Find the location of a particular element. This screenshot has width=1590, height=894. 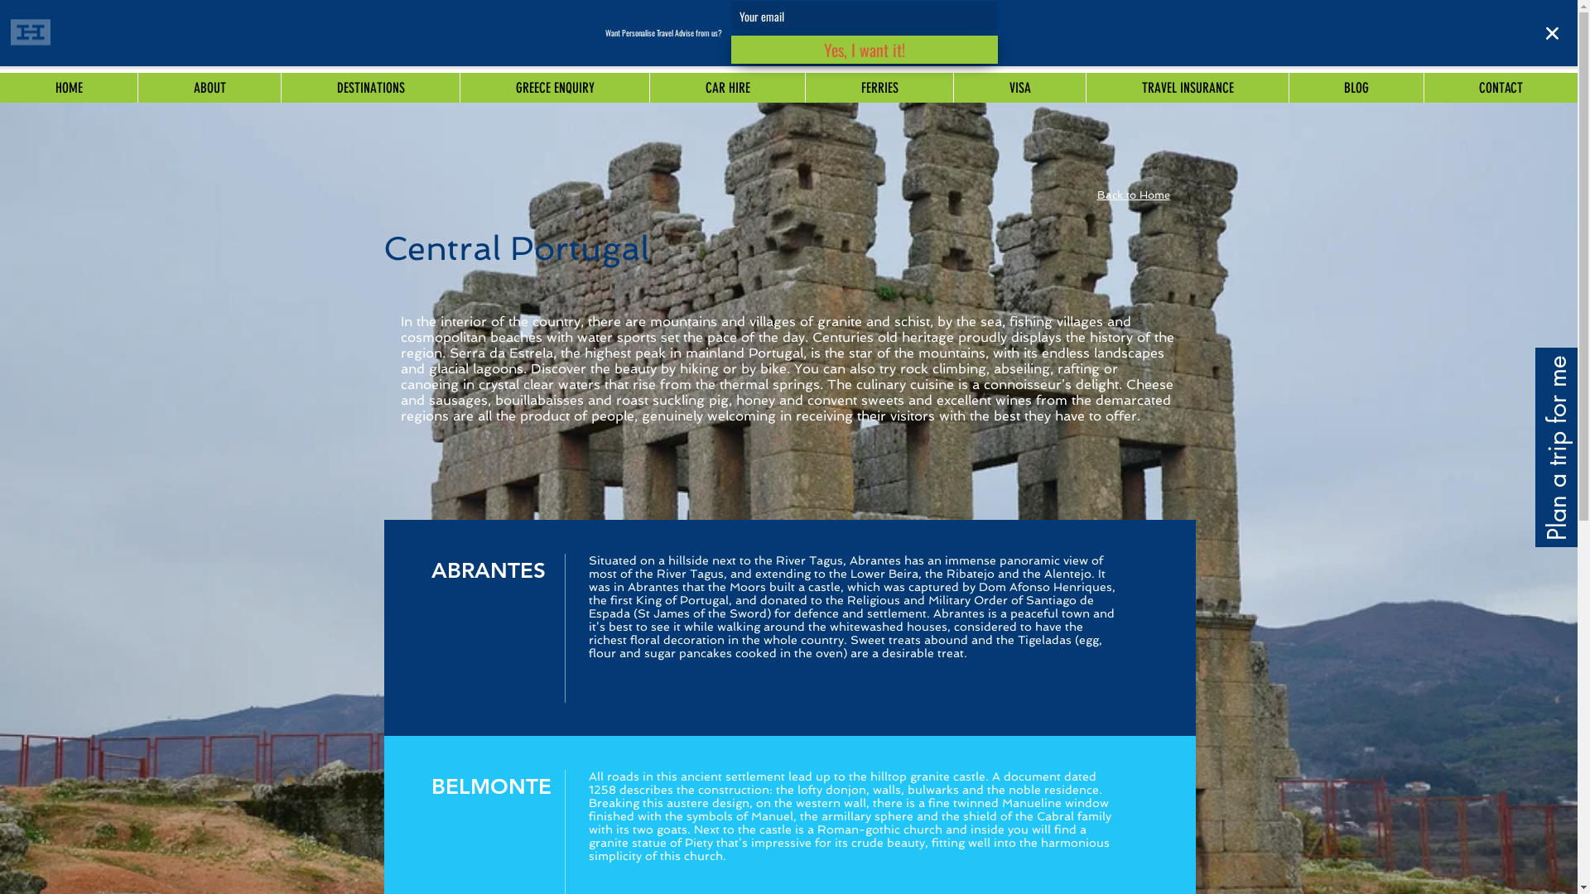

'ABOUT' is located at coordinates (208, 87).